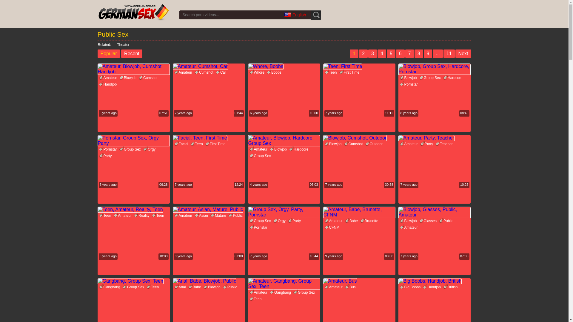 This screenshot has width=573, height=322. Describe the element at coordinates (350, 72) in the screenshot. I see `'First Time'` at that location.